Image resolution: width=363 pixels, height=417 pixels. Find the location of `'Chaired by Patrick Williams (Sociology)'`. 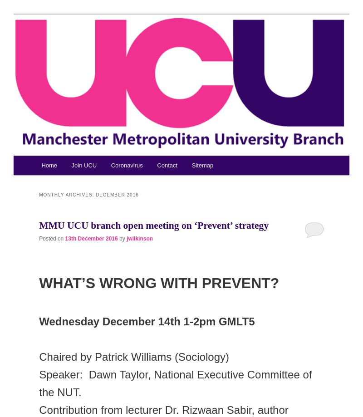

'Chaired by Patrick Williams (Sociology)' is located at coordinates (135, 357).